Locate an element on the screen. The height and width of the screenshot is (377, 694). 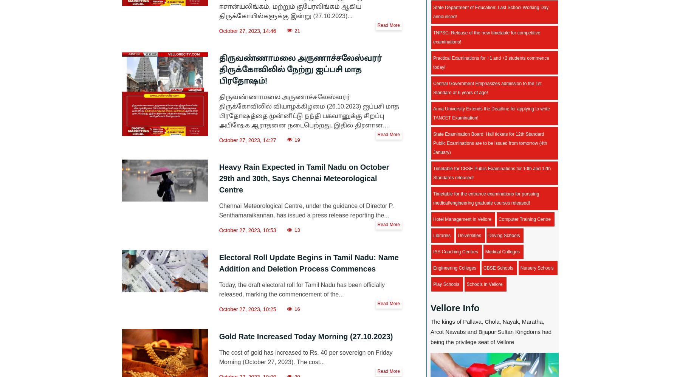
'IAS Coaching Centres' is located at coordinates (455, 251).